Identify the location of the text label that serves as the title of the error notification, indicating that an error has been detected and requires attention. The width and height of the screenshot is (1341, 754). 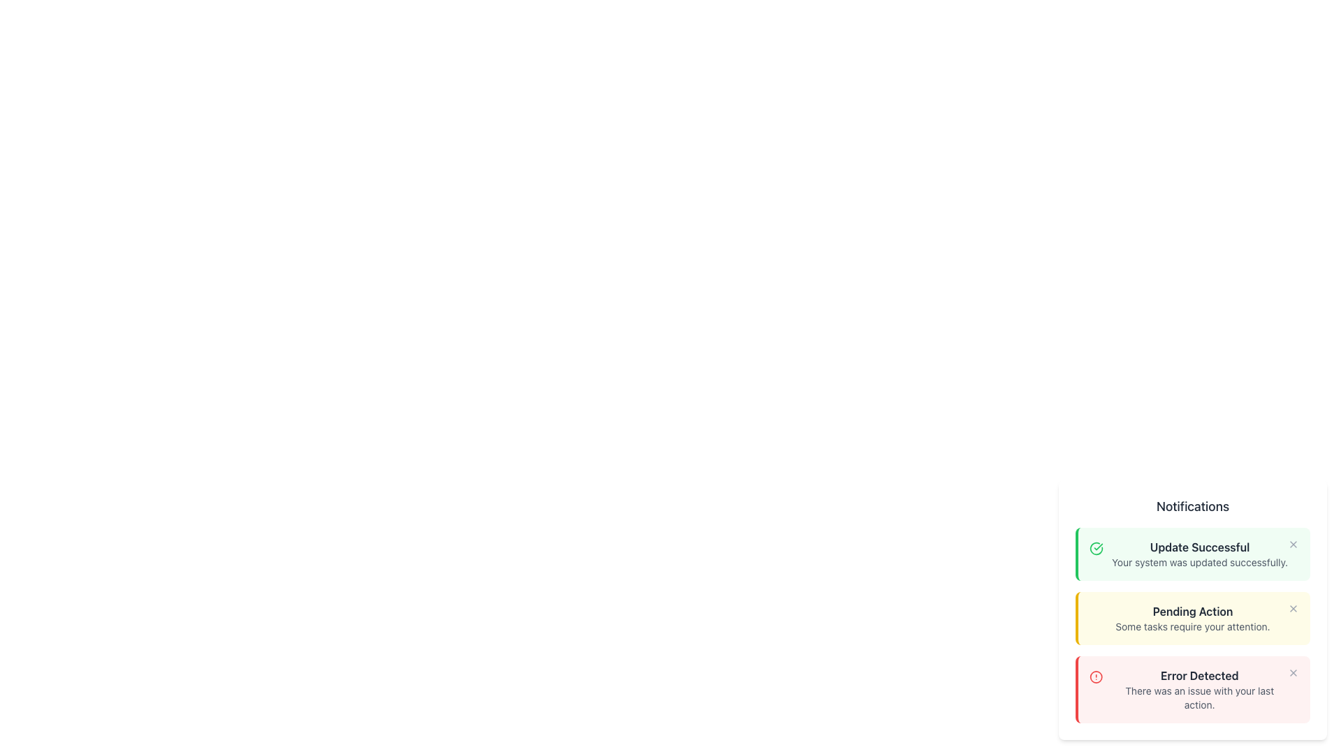
(1199, 675).